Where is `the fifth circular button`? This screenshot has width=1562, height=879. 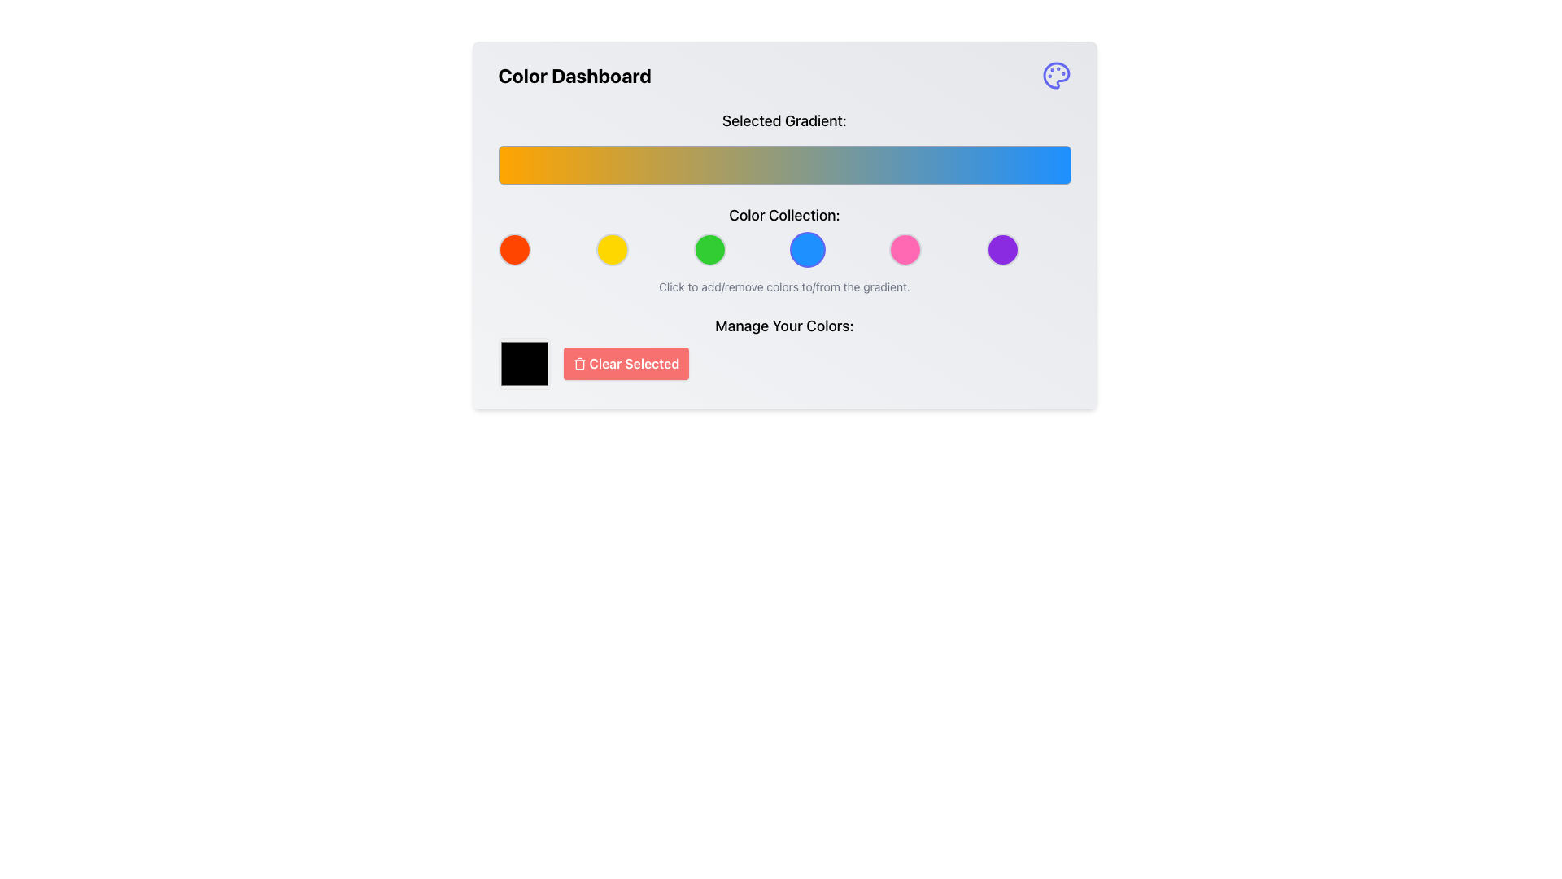
the fifth circular button is located at coordinates (904, 250).